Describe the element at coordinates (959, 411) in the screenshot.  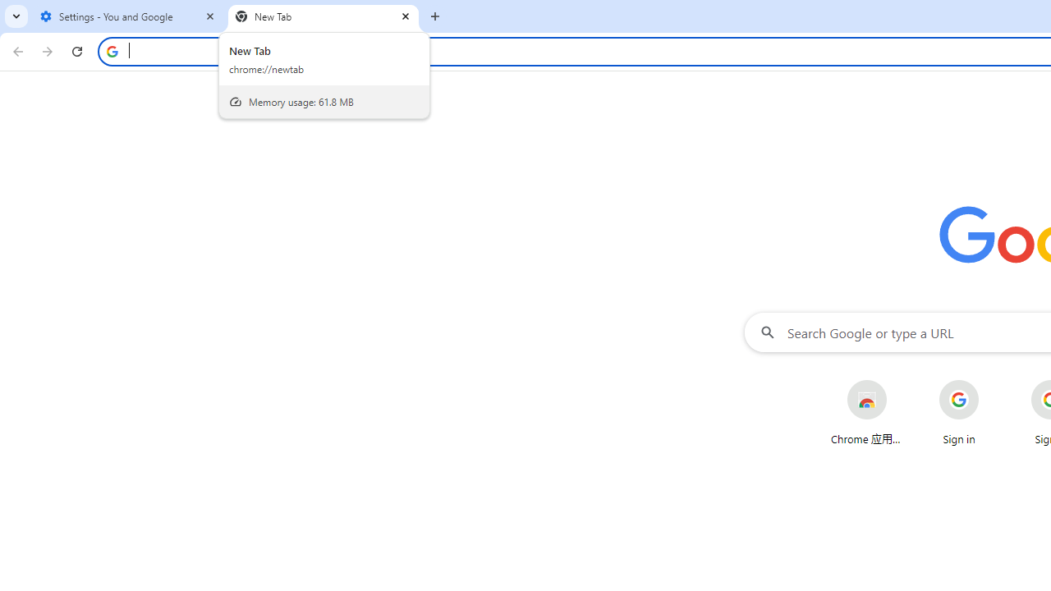
I see `'Sign in'` at that location.